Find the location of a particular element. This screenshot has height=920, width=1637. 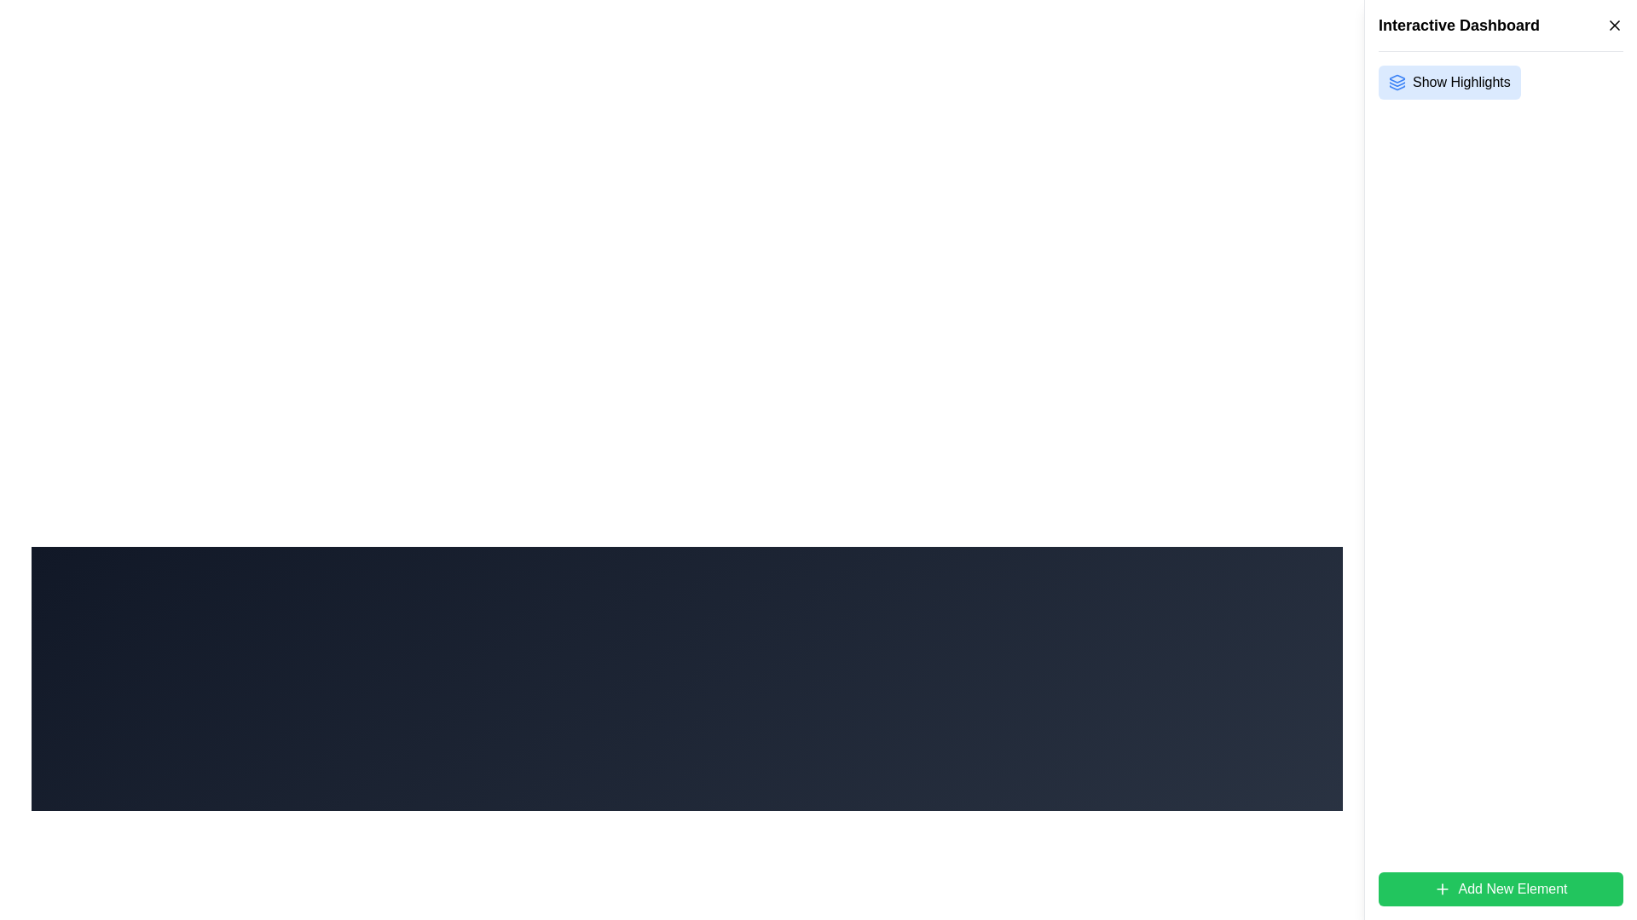

the close button icon (styled as an 'X') located at the top-right corner of the 'Interactive Dashboard' section is located at coordinates (1614, 26).